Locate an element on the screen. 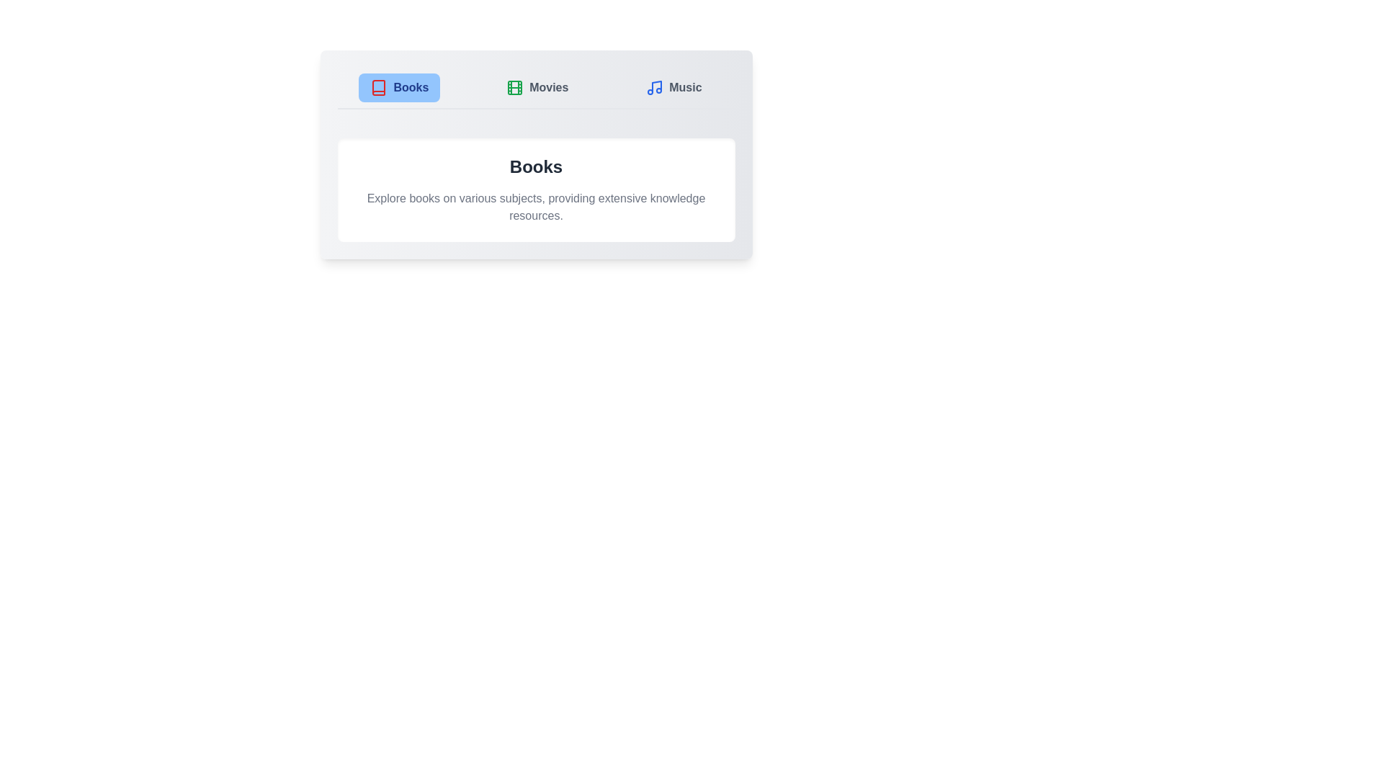 Image resolution: width=1383 pixels, height=778 pixels. the Books tab to switch its content is located at coordinates (399, 88).